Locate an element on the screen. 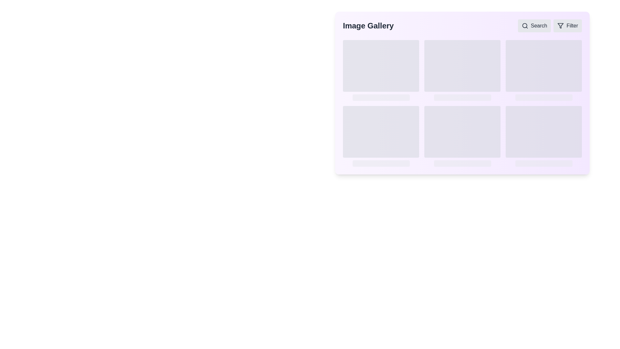 The height and width of the screenshot is (349, 620). the 'Filter' button which contains a small funnel-like filter icon on its left side is located at coordinates (560, 26).